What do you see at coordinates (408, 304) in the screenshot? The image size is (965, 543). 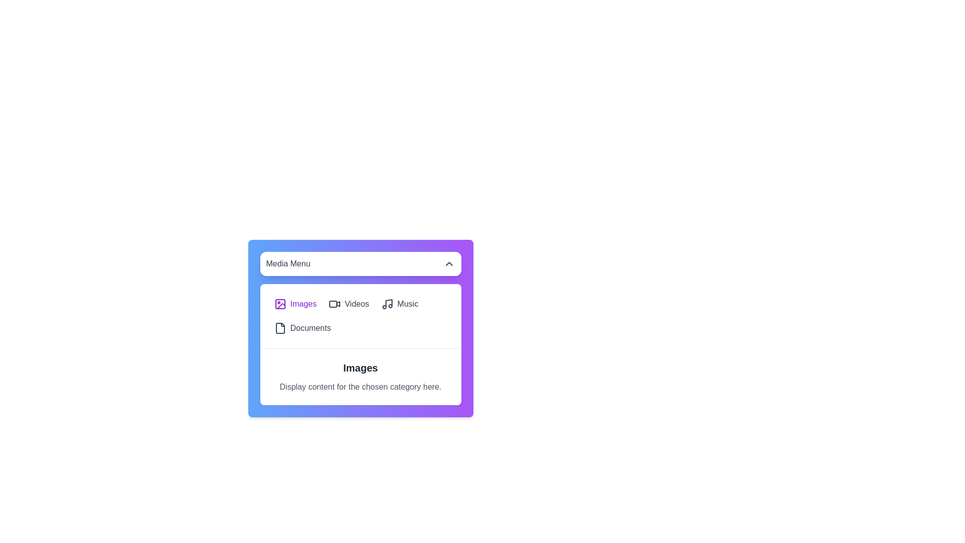 I see `the 'Music' text label, which is styled in dark gray and is the last item in the selectable media menu` at bounding box center [408, 304].